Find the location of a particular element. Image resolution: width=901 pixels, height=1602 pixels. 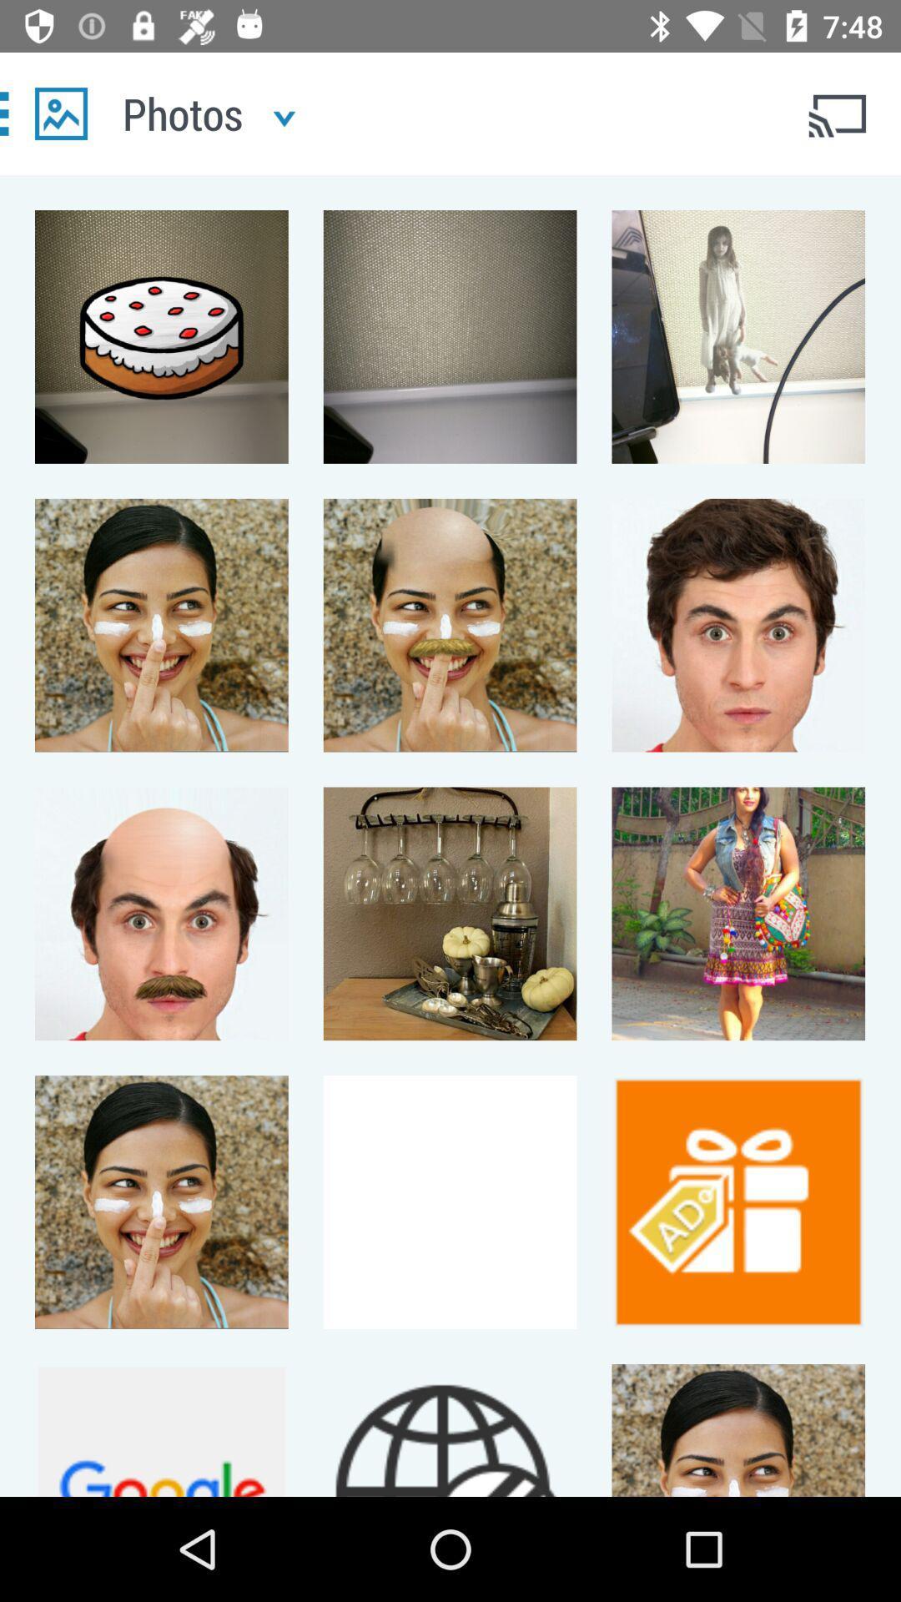

the wallpaper icon is located at coordinates (60, 113).